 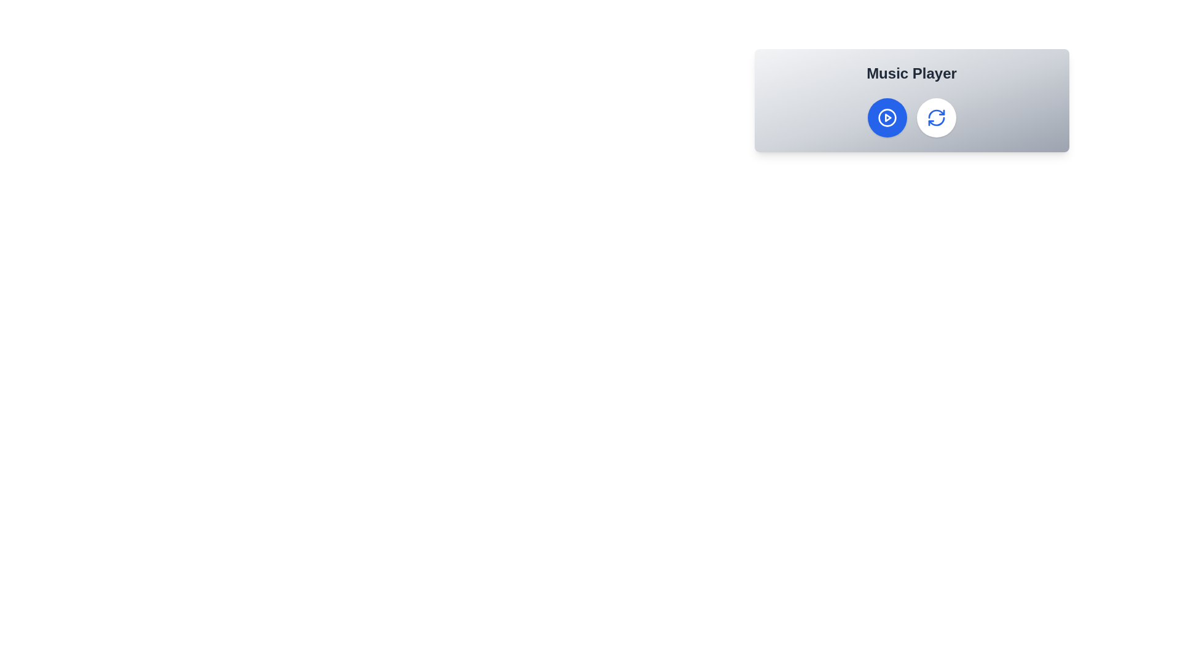 What do you see at coordinates (887, 118) in the screenshot?
I see `the first blue circular button with a white play icon to receive visual feedback` at bounding box center [887, 118].